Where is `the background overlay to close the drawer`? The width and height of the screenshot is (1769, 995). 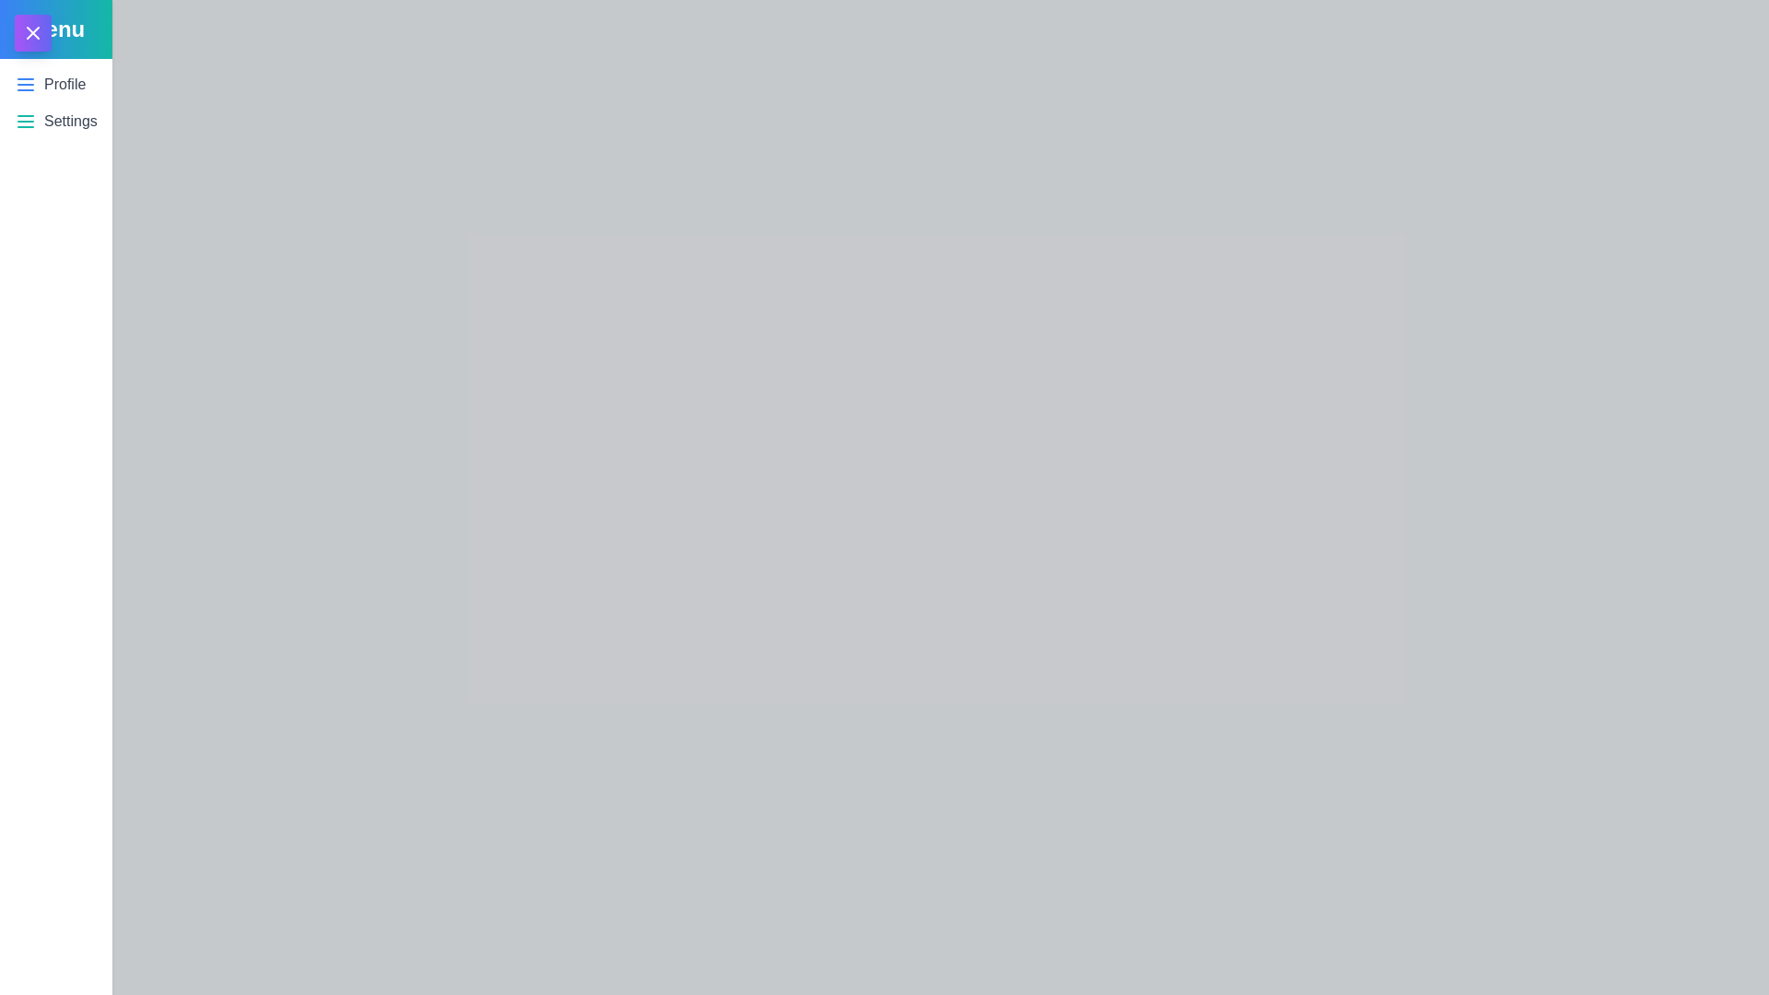
the background overlay to close the drawer is located at coordinates (884, 497).